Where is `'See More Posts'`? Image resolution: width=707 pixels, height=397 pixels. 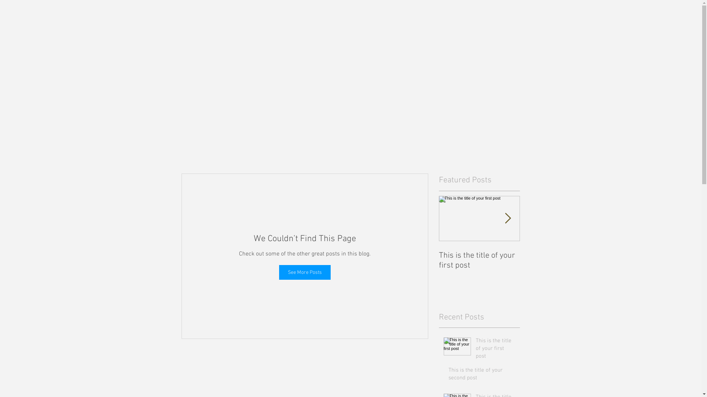
'See More Posts' is located at coordinates (305, 272).